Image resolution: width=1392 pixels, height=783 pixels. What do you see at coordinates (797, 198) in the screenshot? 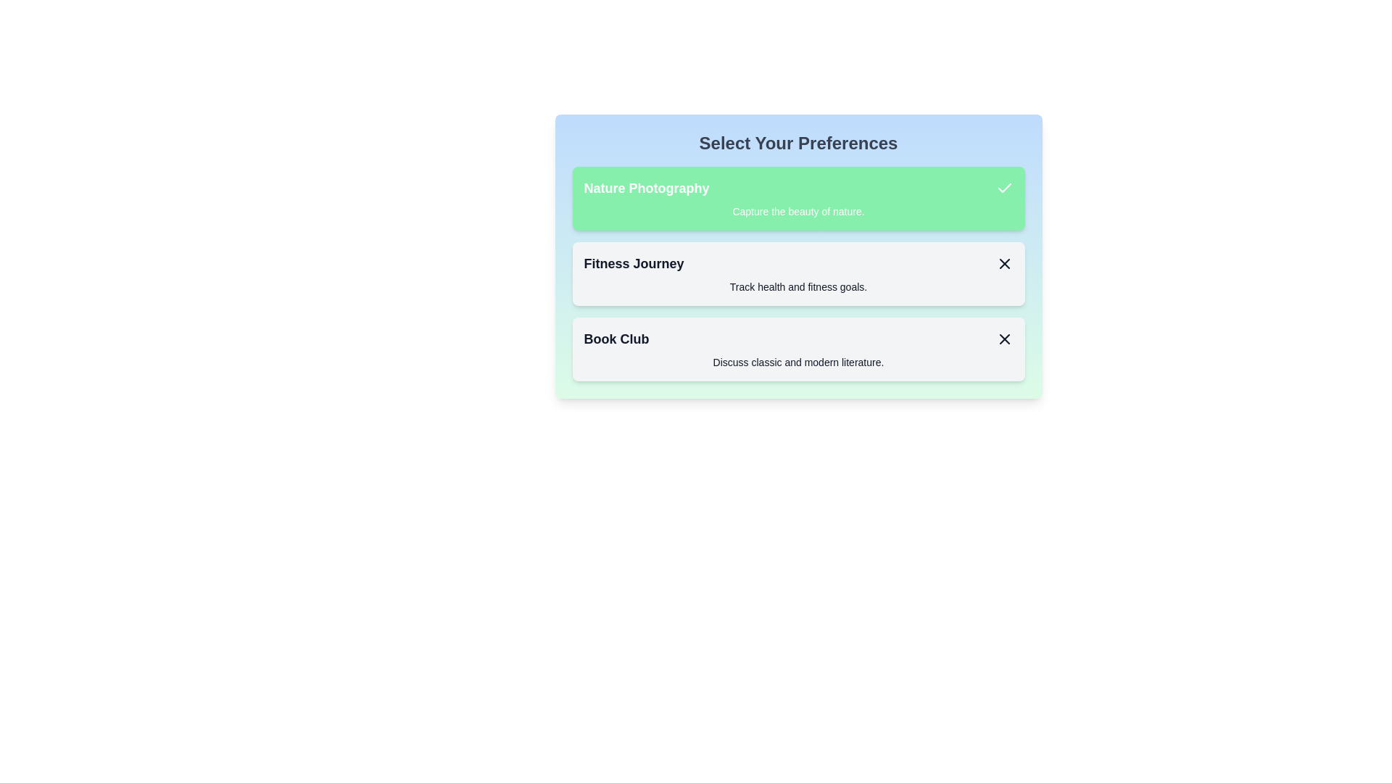
I see `the preference item labeled Nature Photography to toggle its selection state` at bounding box center [797, 198].